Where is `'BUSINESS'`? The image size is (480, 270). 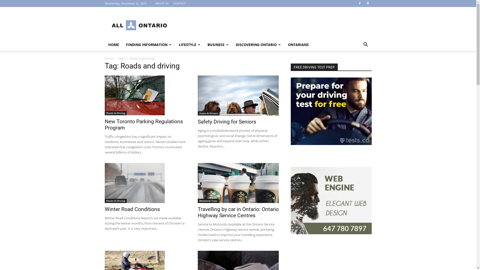
'BUSINESS' is located at coordinates (218, 44).